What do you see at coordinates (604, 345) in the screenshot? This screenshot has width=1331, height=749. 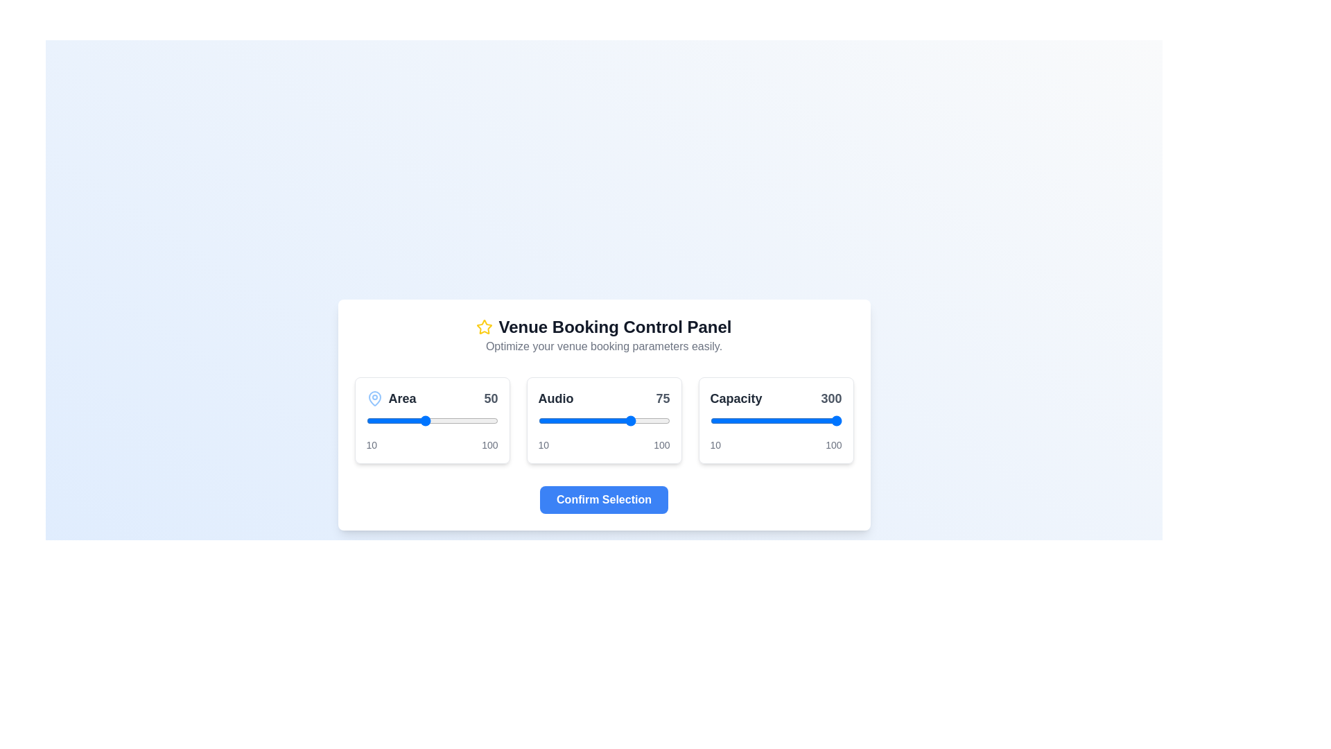 I see `the static text element displaying 'Optimize your venue booking parameters easily.' located below the title 'Venue Booking Control Panel'` at bounding box center [604, 345].